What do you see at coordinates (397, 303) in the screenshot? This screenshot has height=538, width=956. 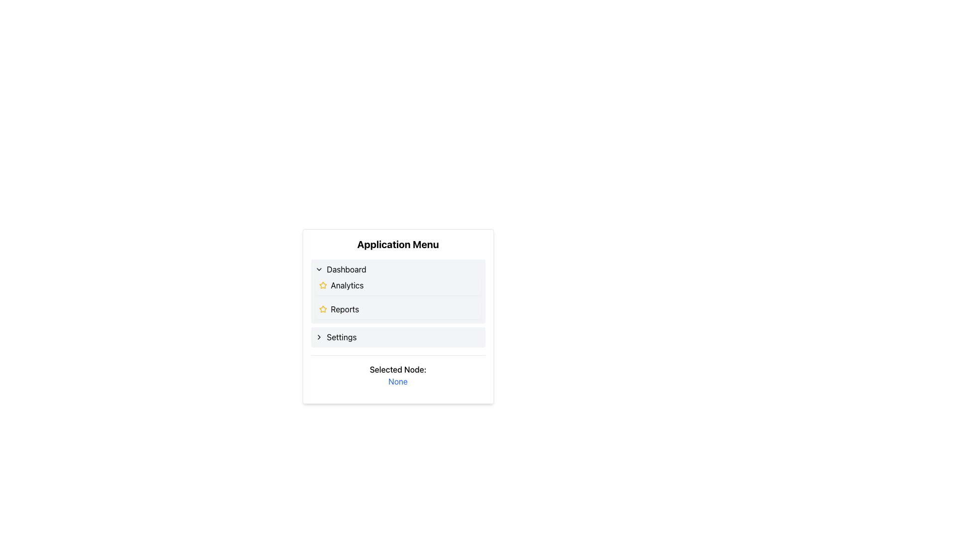 I see `the 'Reports' menu item, which is the third option in the 'Application Menu', by clicking on it` at bounding box center [397, 303].